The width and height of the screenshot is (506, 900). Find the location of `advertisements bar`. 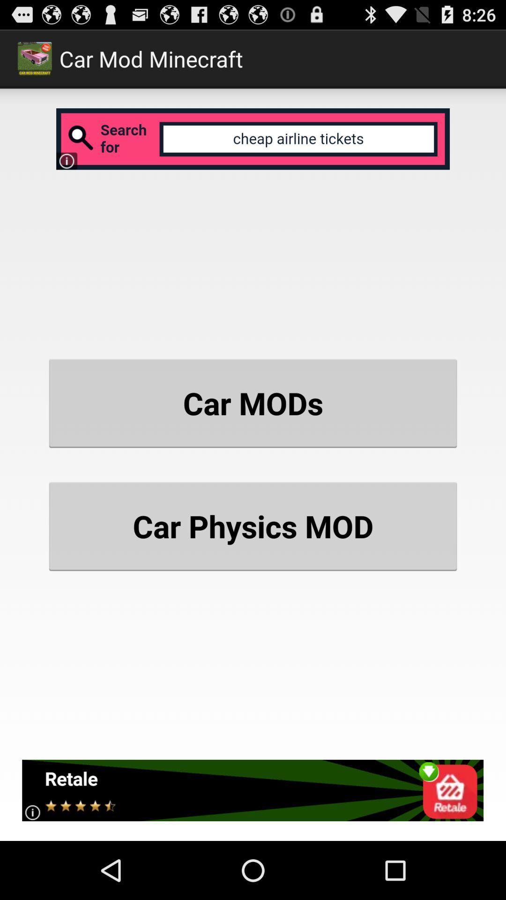

advertisements bar is located at coordinates (252, 790).